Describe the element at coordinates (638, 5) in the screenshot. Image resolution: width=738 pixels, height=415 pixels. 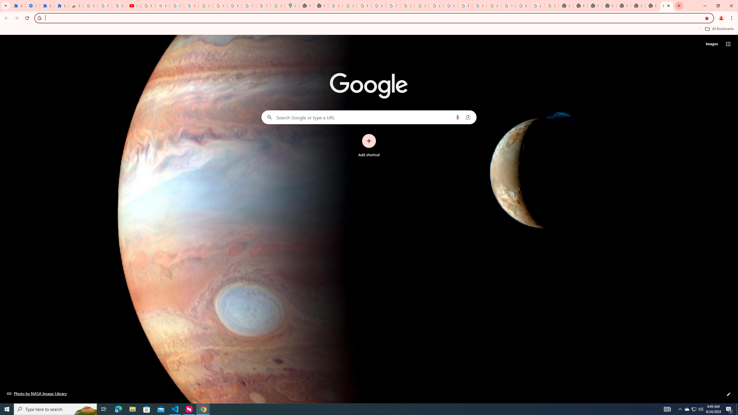
I see `'New Tab'` at that location.